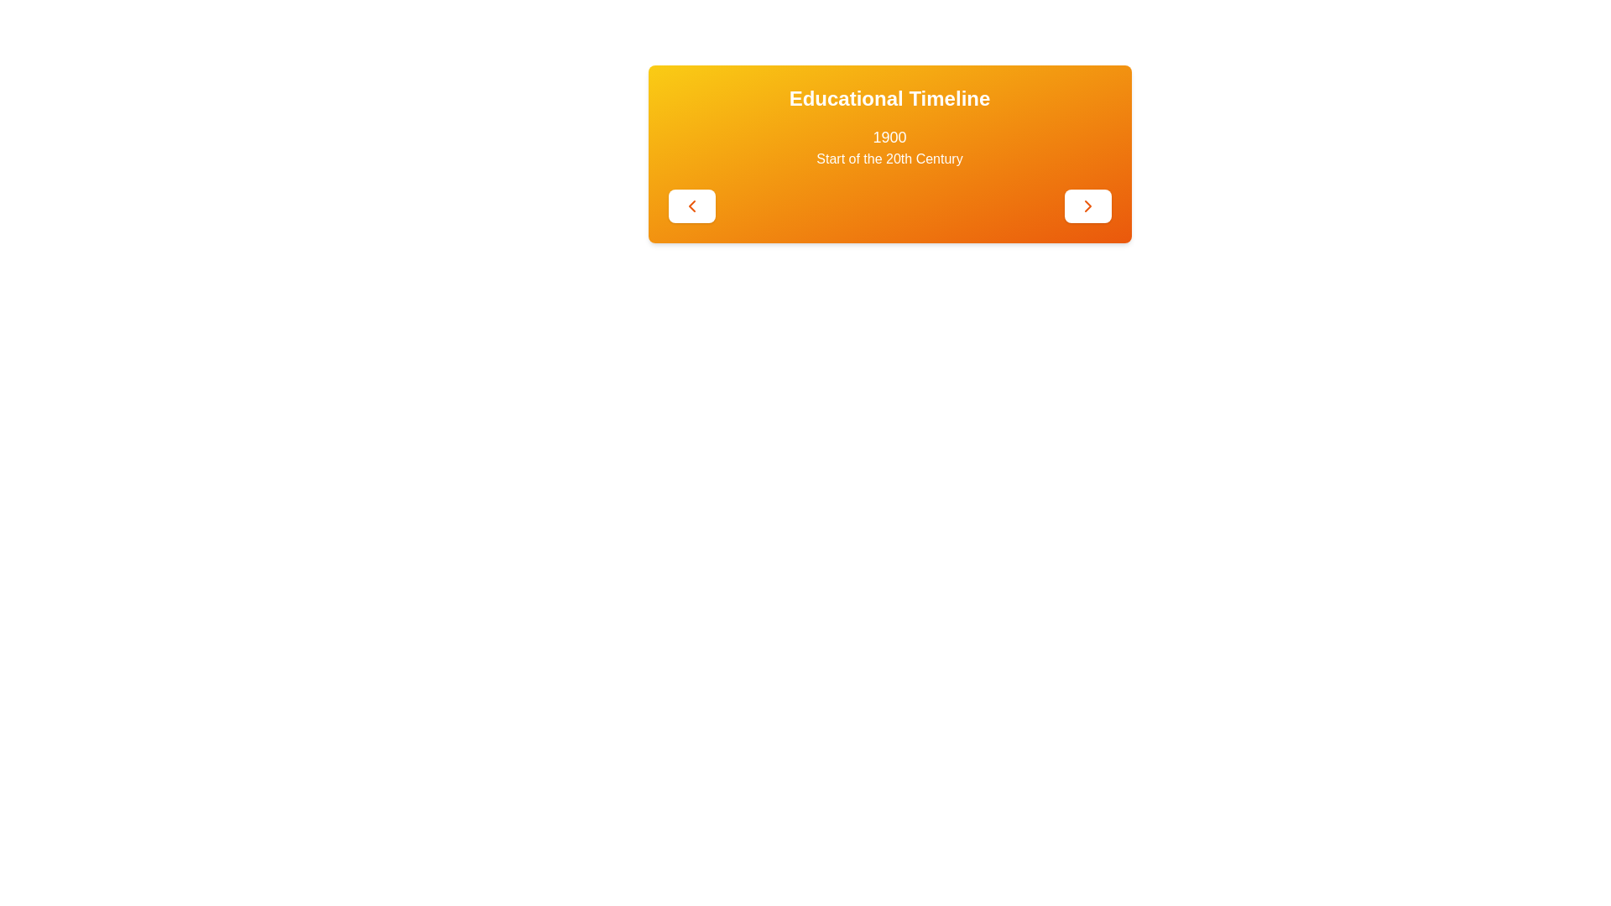  I want to click on text label indicating the event corresponding to the year 1900, which is located below the sibling element containing '1900', so click(889, 159).